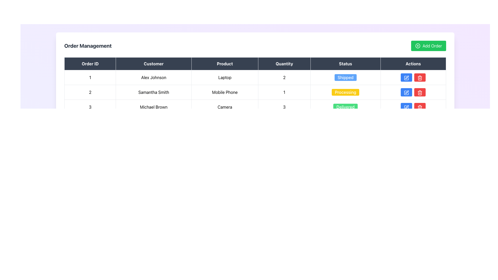  What do you see at coordinates (407, 92) in the screenshot?
I see `the decorative icon located near the center-right of the 'Actions' column in the second row of the table` at bounding box center [407, 92].